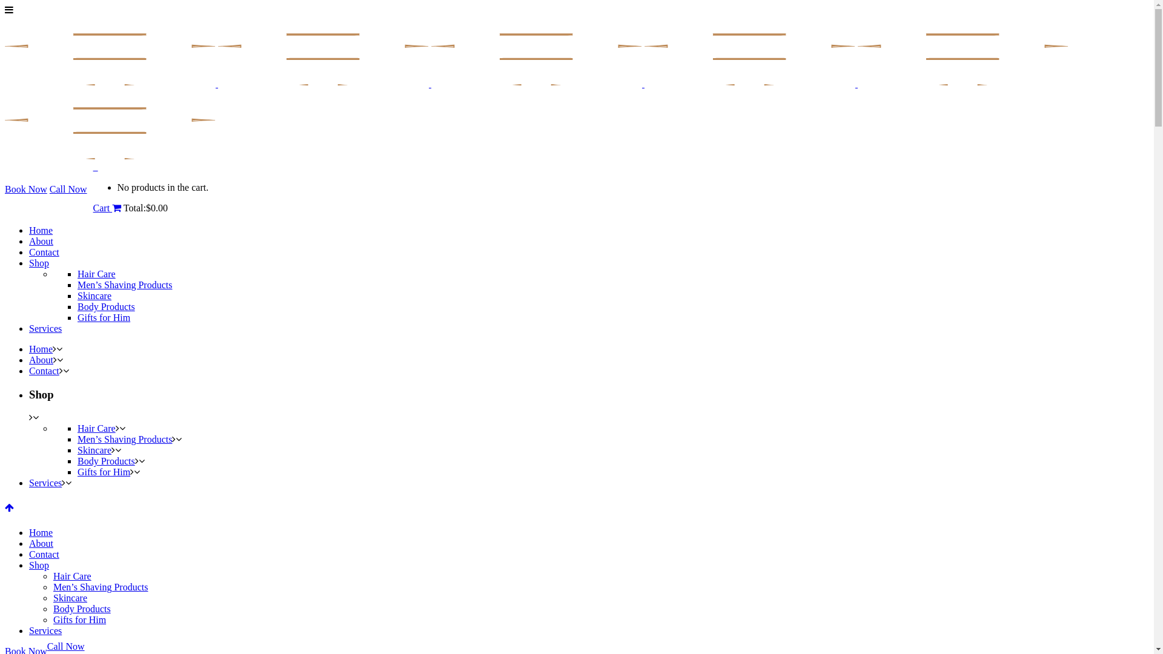  Describe the element at coordinates (41, 359) in the screenshot. I see `'About'` at that location.